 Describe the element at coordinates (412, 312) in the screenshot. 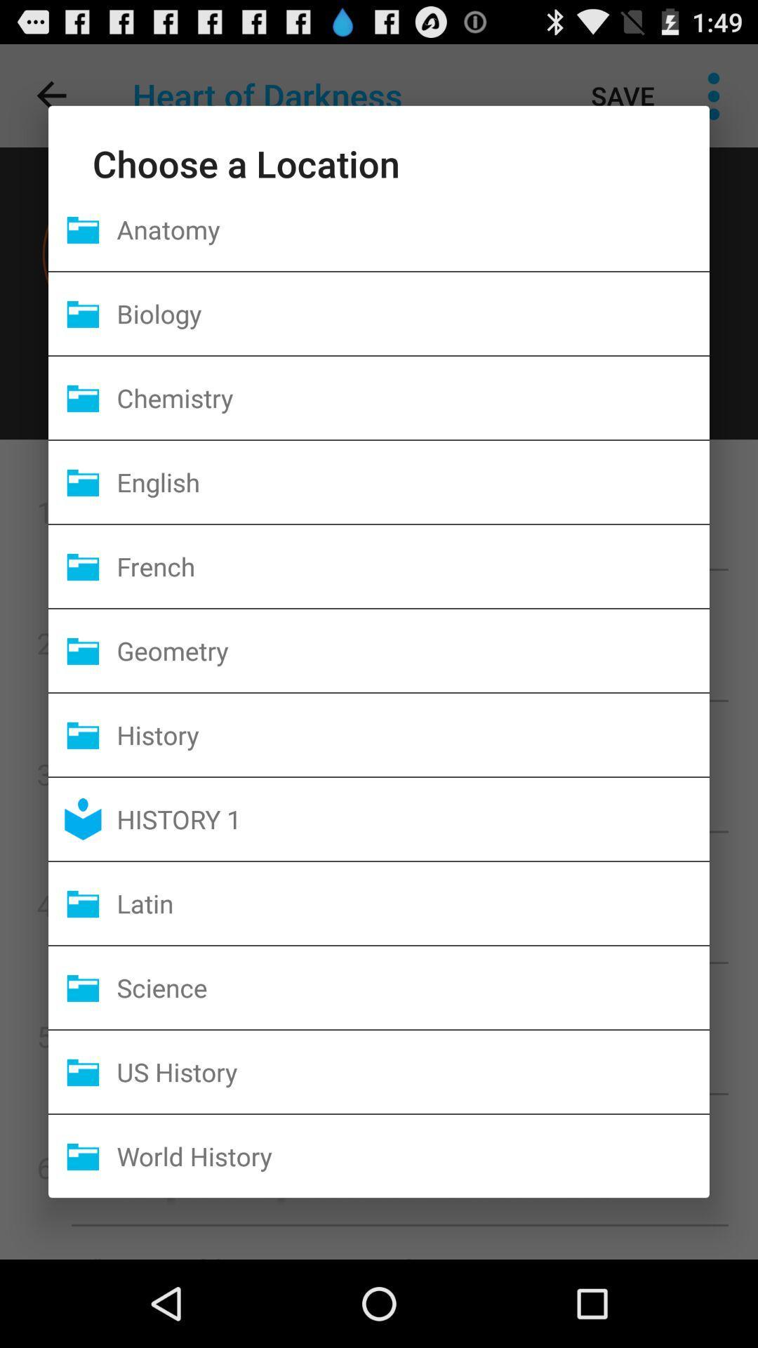

I see `biology icon` at that location.